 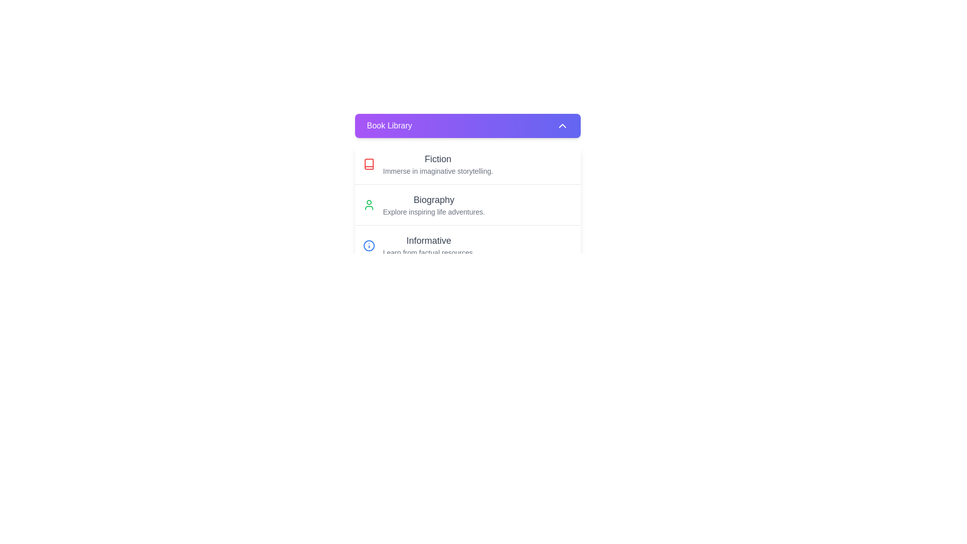 I want to click on the 'Biography' menu item, which is the middle entry in the vertical list of the 'Book Library' panel, featuring a green user icon and two lines of text, so click(x=467, y=204).